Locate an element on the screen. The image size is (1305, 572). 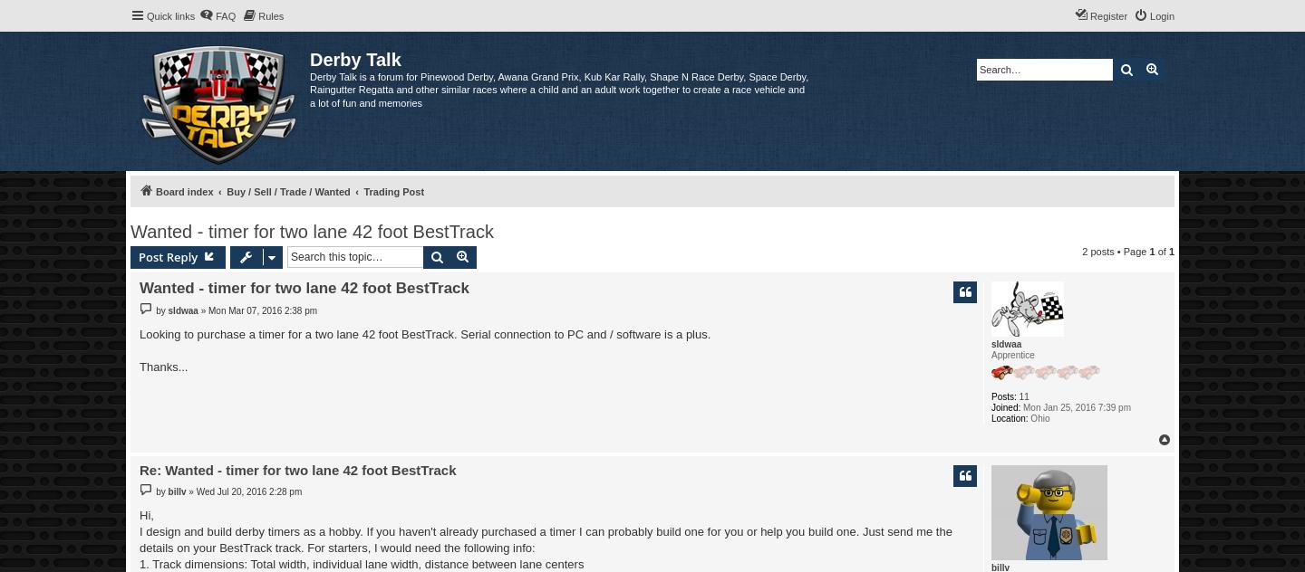
'Hi,' is located at coordinates (145, 513).